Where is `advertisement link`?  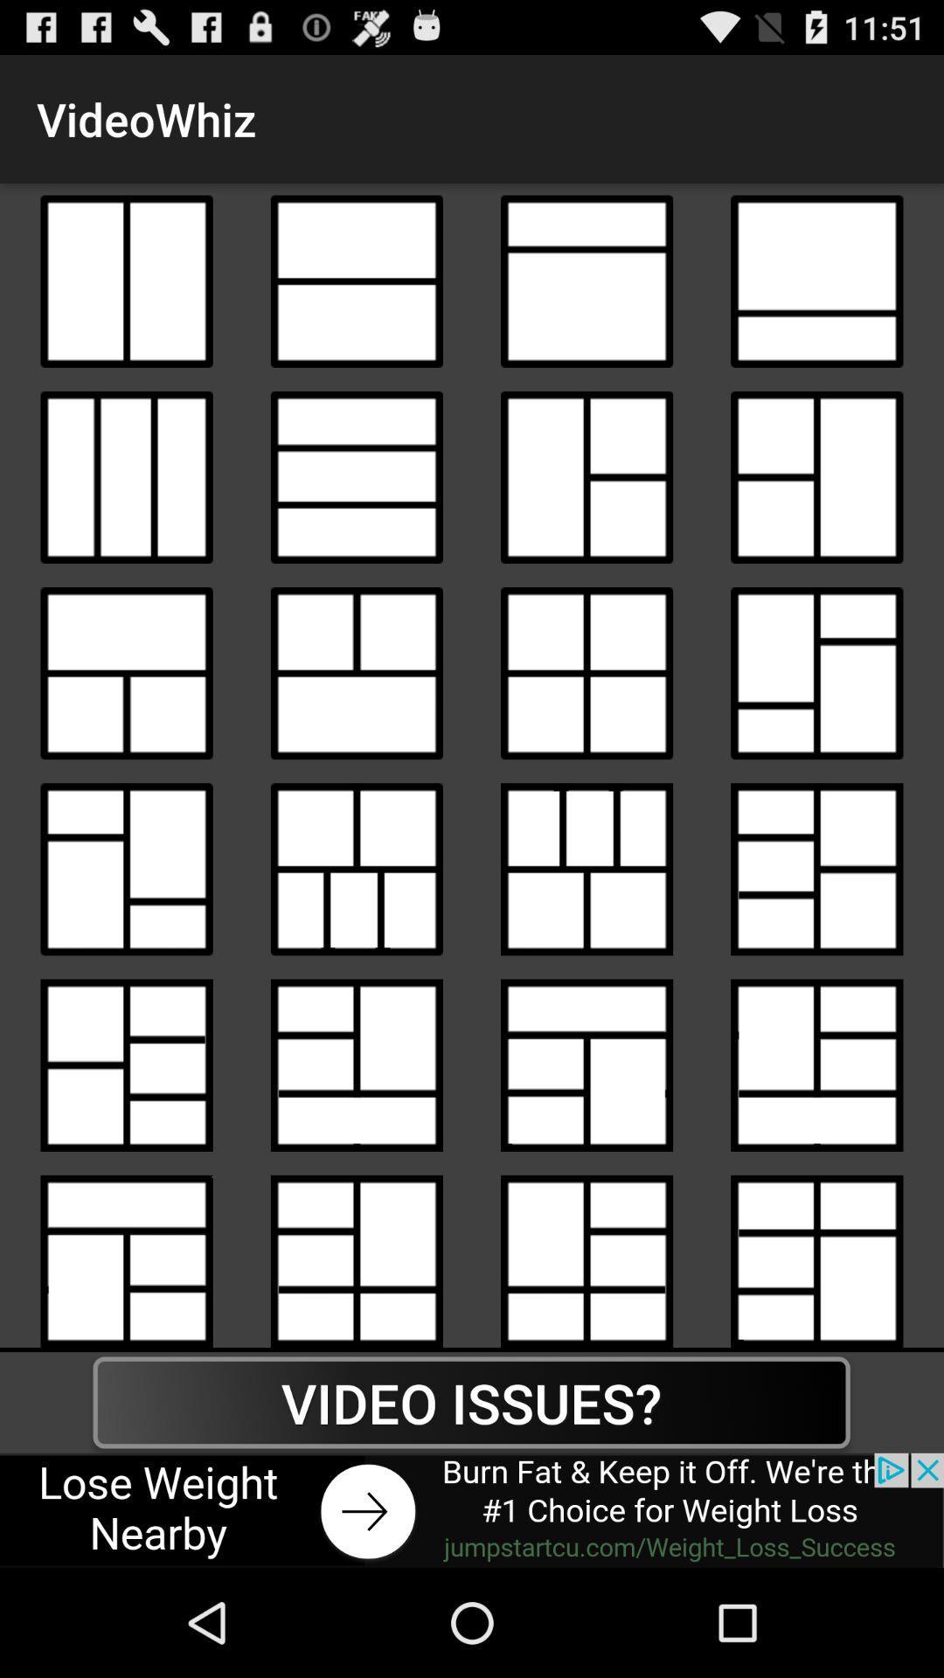 advertisement link is located at coordinates (472, 1509).